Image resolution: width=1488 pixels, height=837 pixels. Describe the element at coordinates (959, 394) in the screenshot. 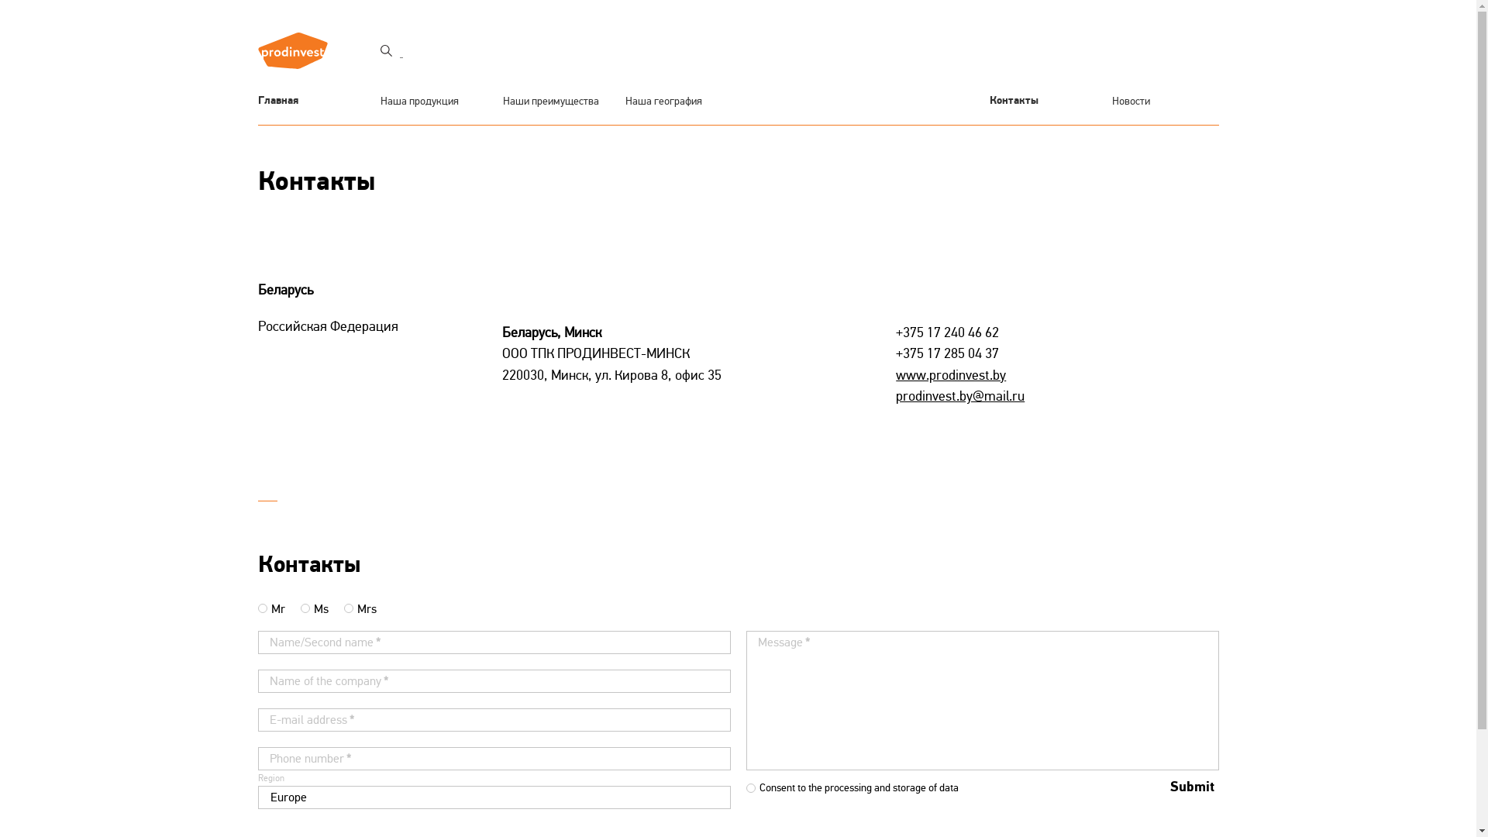

I see `'prodinvest.by@mail.ru'` at that location.